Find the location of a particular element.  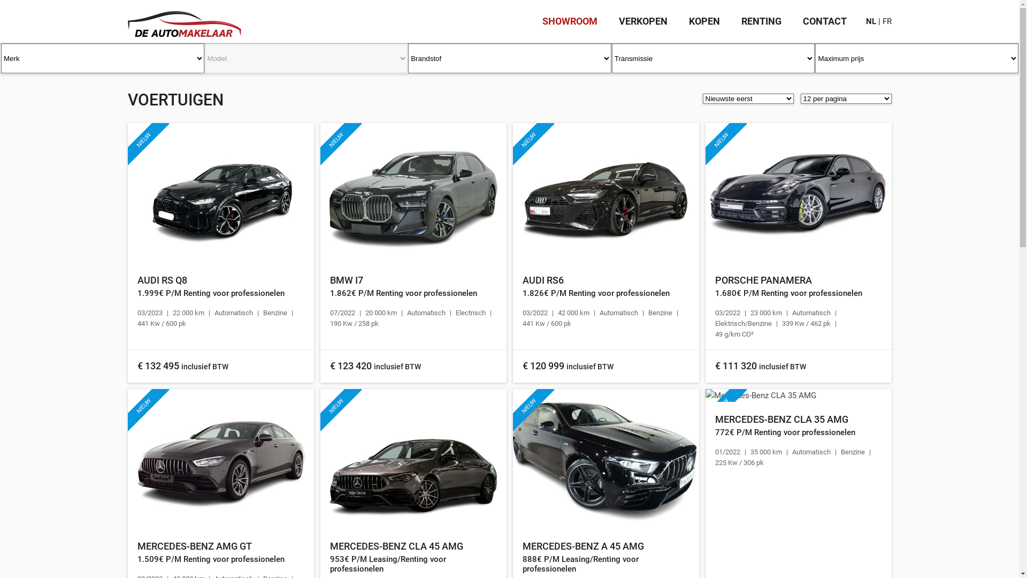

'SHOWROOM' is located at coordinates (542, 21).